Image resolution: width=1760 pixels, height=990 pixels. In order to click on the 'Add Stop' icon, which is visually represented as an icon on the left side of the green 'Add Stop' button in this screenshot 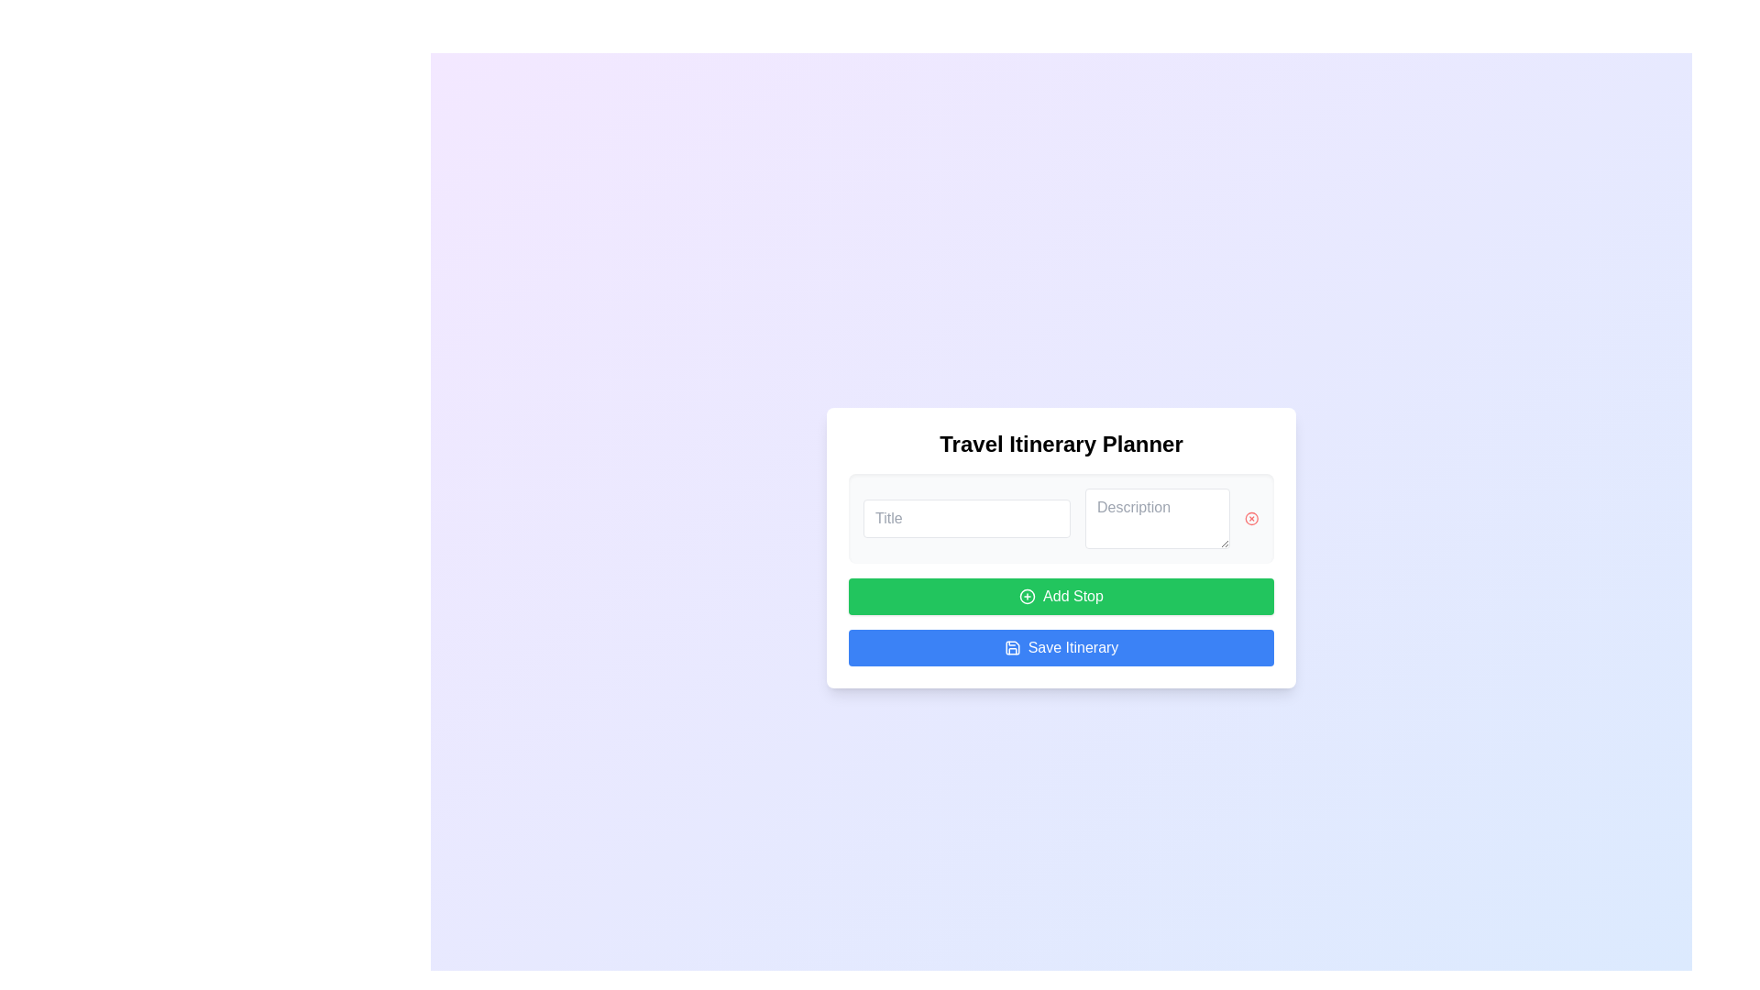, I will do `click(1028, 597)`.